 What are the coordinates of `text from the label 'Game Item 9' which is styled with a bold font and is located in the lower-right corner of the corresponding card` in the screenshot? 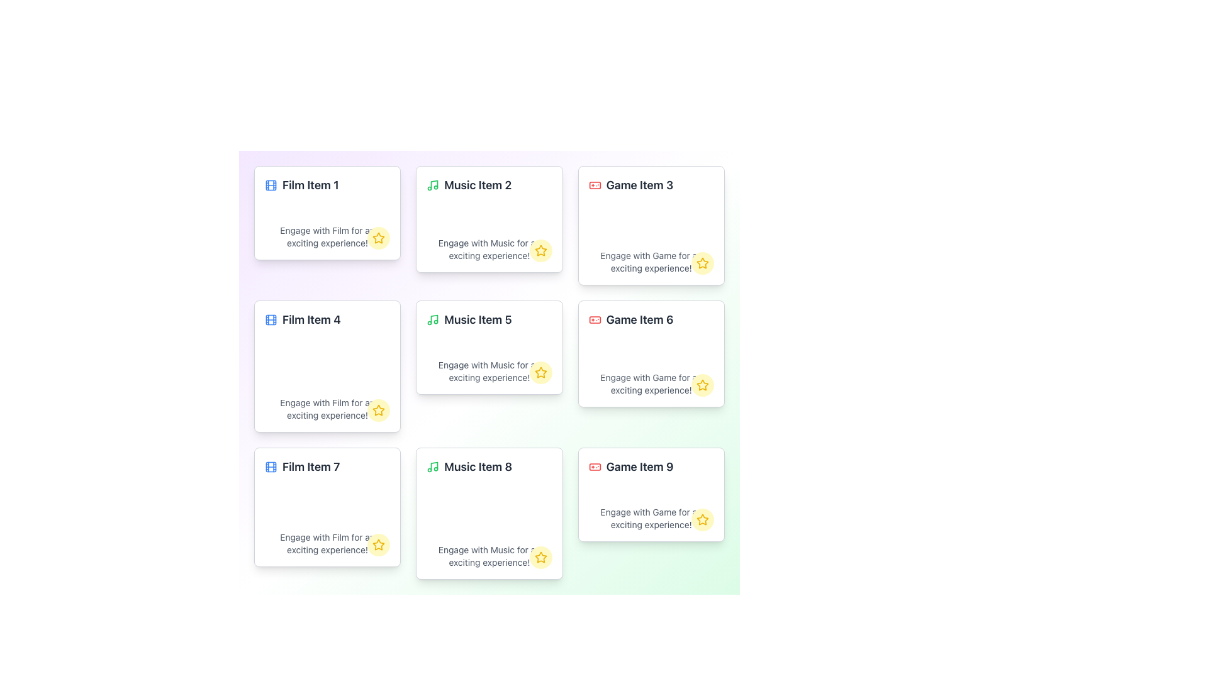 It's located at (651, 467).